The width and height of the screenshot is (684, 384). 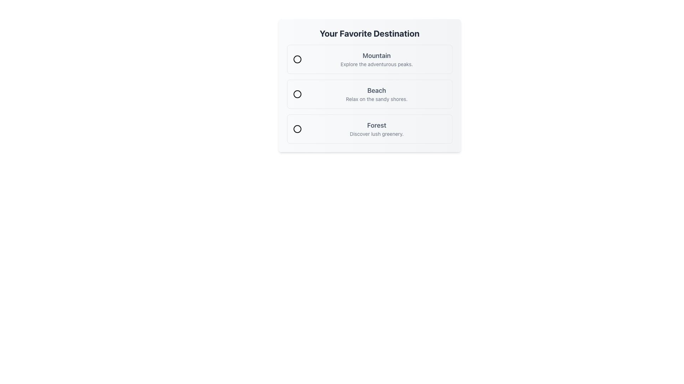 I want to click on the first selectable list item labeled 'Mountain', so click(x=369, y=59).